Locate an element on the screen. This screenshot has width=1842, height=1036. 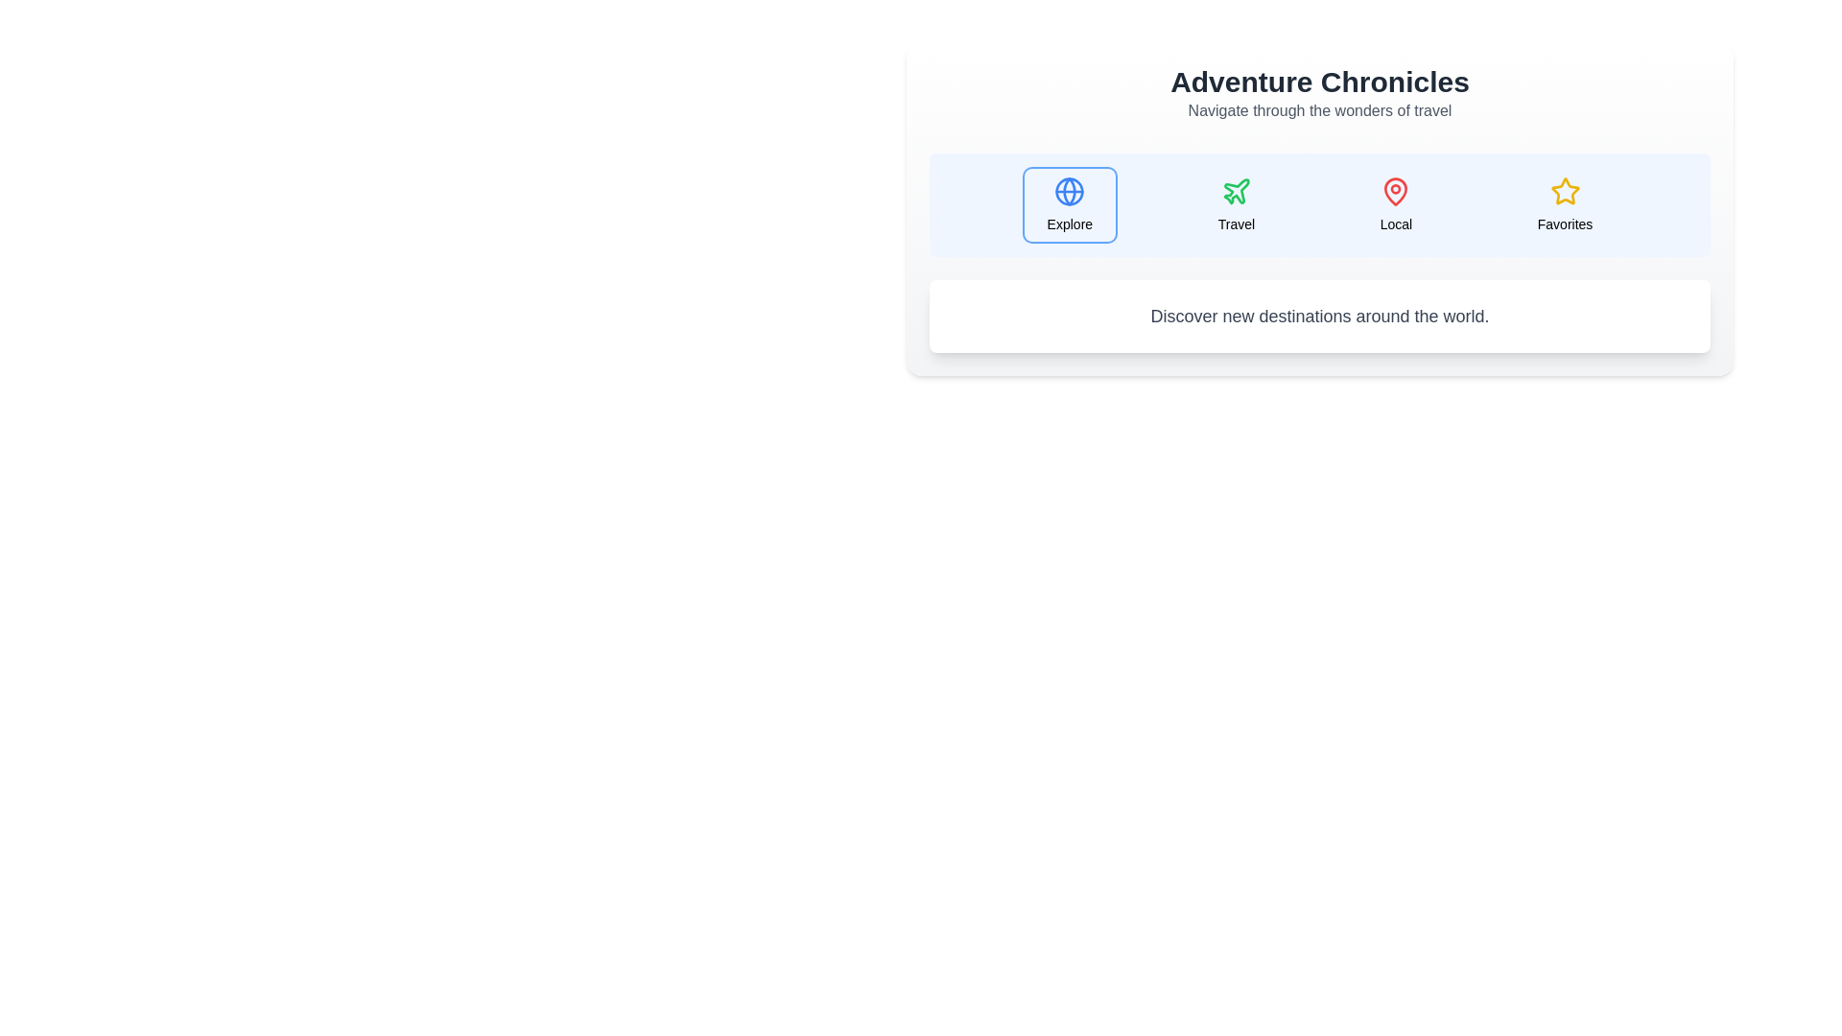
the tab labeled Local to switch the displayed content is located at coordinates (1395, 204).